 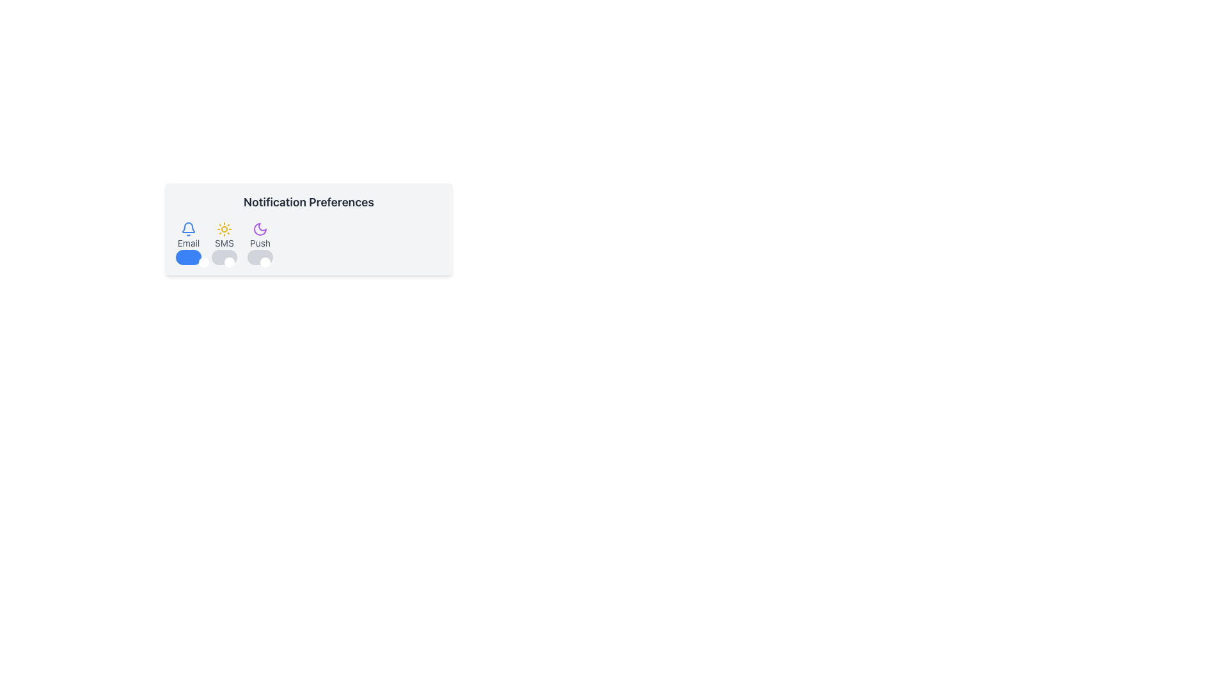 I want to click on the third toggle switch in the 'Notification Preferences' section to change its state for SMS notifications, so click(x=224, y=257).